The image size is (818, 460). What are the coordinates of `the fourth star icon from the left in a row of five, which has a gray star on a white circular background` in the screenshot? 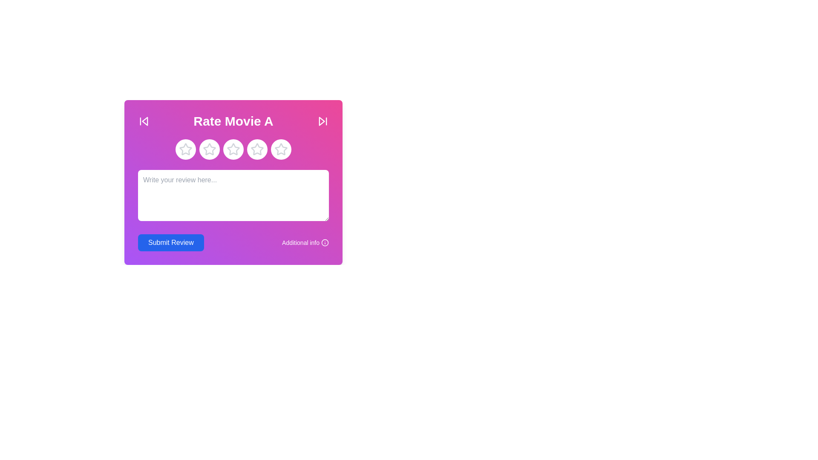 It's located at (257, 149).